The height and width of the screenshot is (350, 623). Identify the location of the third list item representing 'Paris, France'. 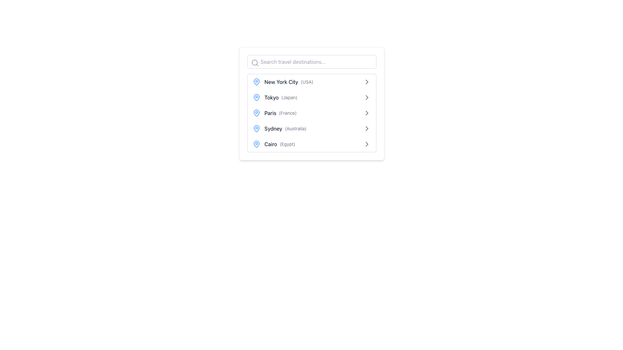
(311, 112).